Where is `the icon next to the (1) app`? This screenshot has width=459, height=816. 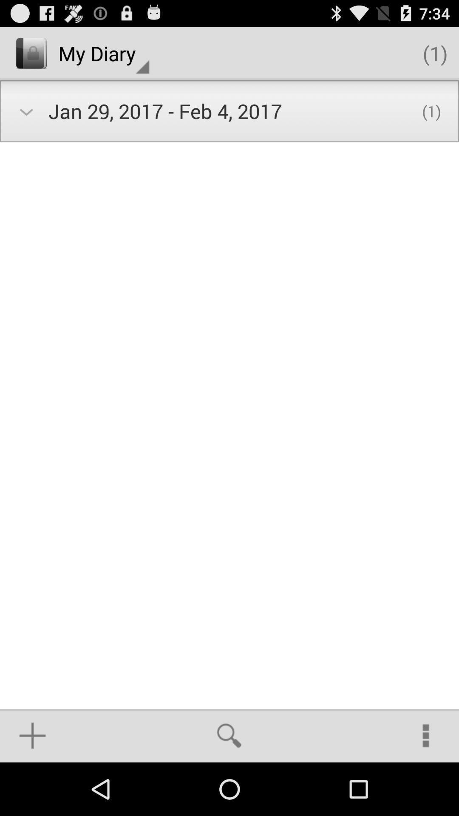
the icon next to the (1) app is located at coordinates (103, 53).